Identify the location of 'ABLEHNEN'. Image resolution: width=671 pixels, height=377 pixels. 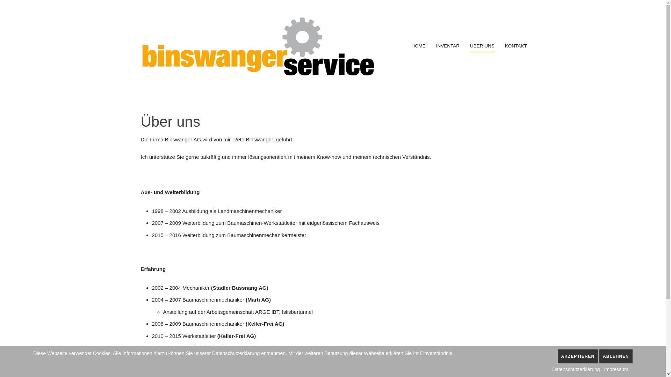
(599, 356).